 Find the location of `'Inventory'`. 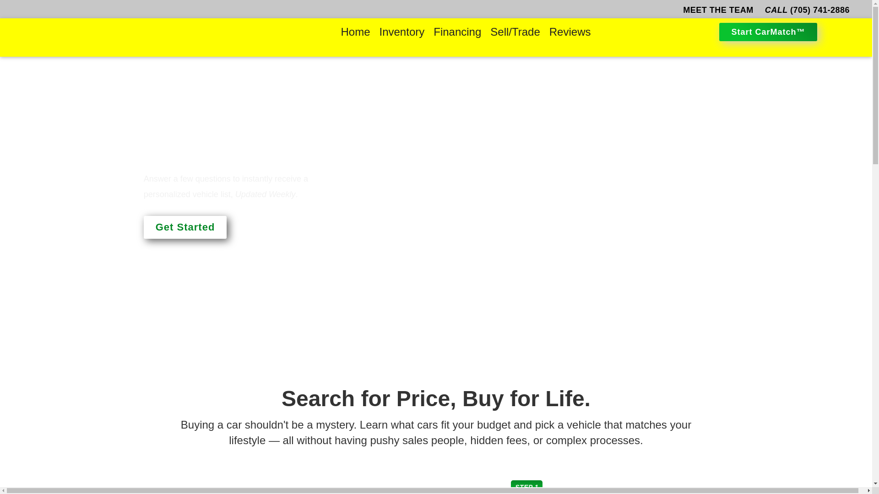

'Inventory' is located at coordinates (402, 31).